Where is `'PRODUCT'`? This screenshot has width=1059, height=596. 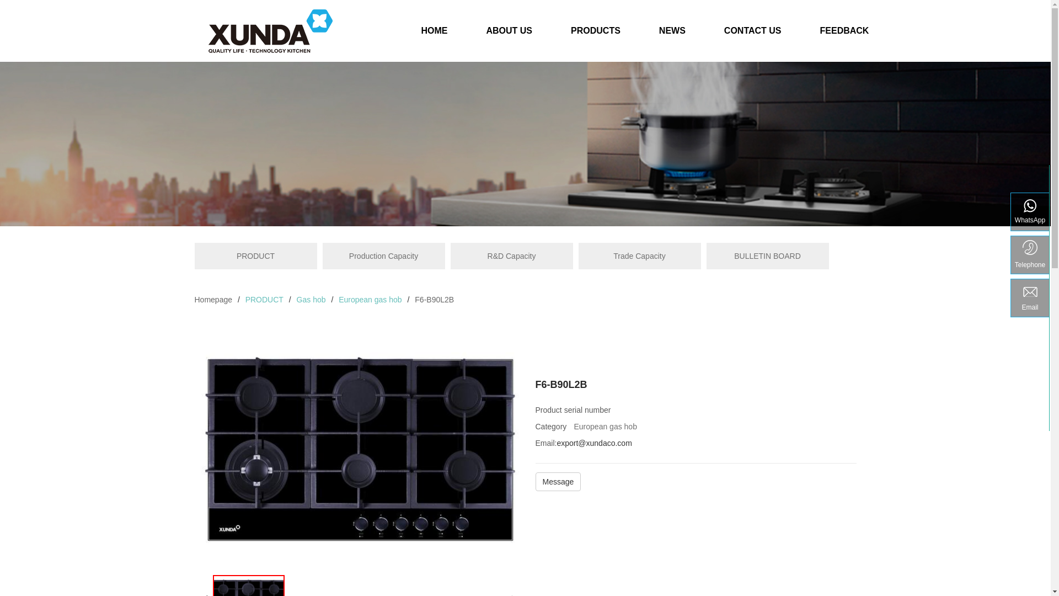 'PRODUCT' is located at coordinates (254, 256).